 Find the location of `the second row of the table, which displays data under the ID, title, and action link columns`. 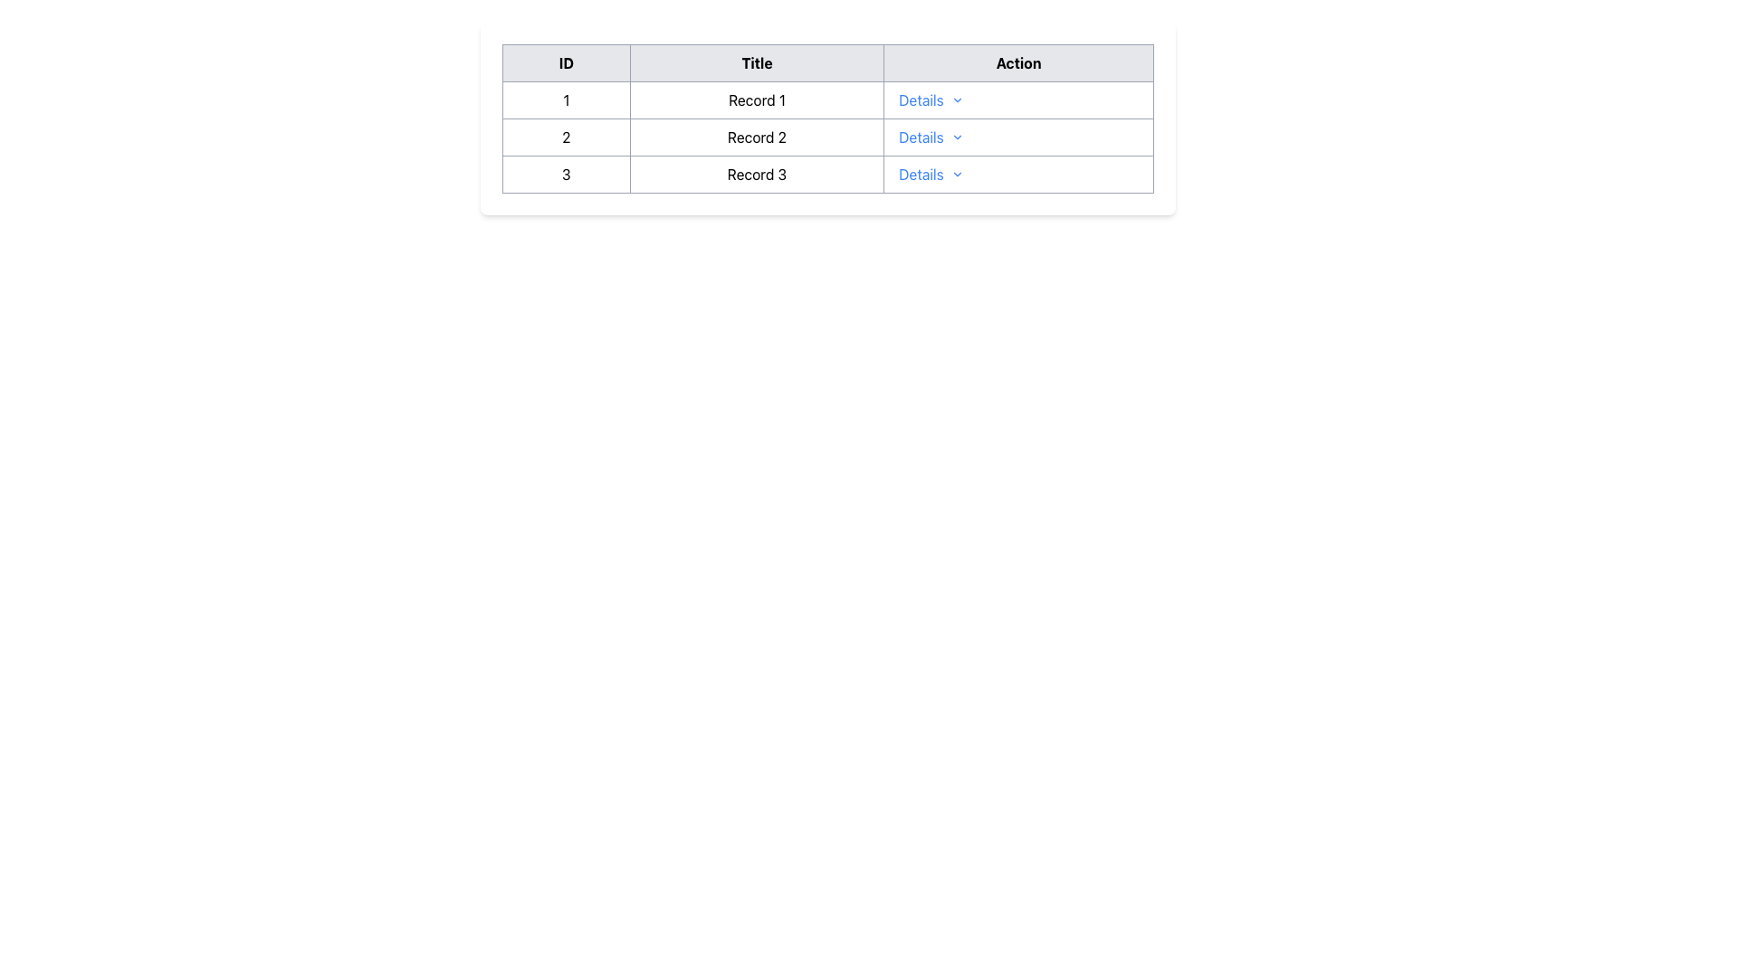

the second row of the table, which displays data under the ID, title, and action link columns is located at coordinates (827, 136).